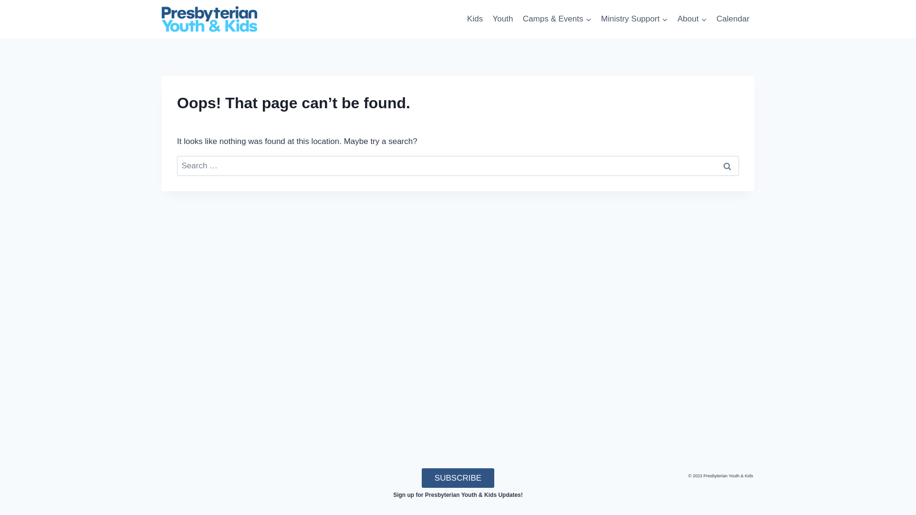 The image size is (916, 515). Describe the element at coordinates (732, 19) in the screenshot. I see `'Calendar'` at that location.